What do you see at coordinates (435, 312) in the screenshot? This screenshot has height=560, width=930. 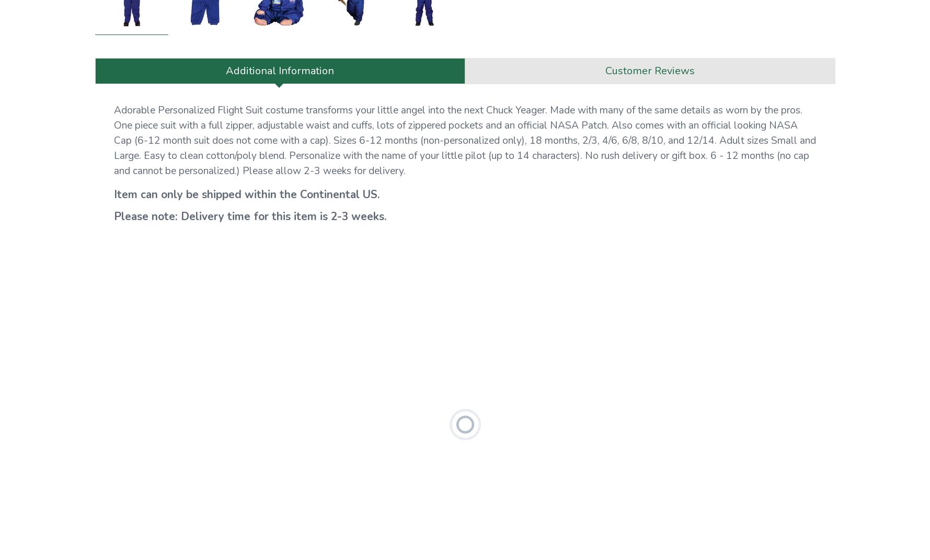 I see `'5581 Hudson Industrial Parkway  |  Hudson OH 44236-0099  |  Order toll free'` at bounding box center [435, 312].